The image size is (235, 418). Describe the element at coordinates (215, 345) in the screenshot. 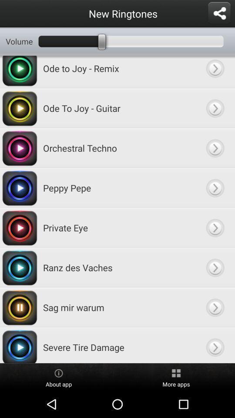

I see `fackward` at that location.